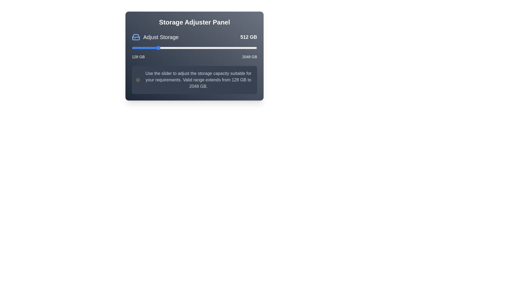  I want to click on the storage capacity, so click(198, 47).